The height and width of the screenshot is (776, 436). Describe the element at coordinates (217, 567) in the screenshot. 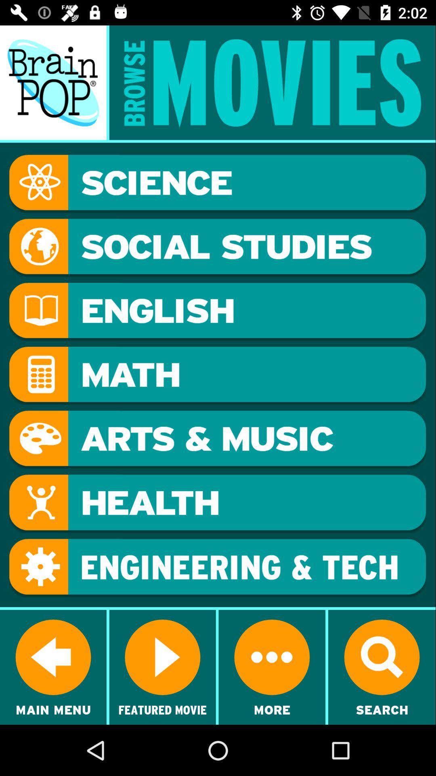

I see `open up the section` at that location.